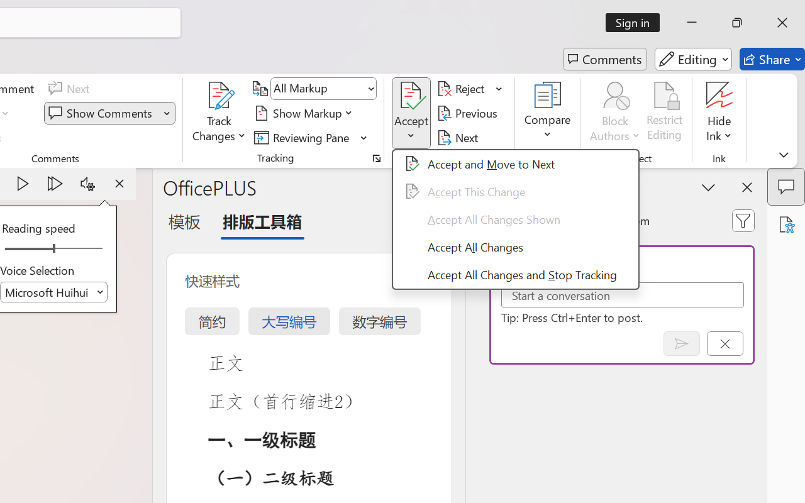 Image resolution: width=805 pixels, height=503 pixels. Describe the element at coordinates (785, 224) in the screenshot. I see `'Accessibility Assistant'` at that location.